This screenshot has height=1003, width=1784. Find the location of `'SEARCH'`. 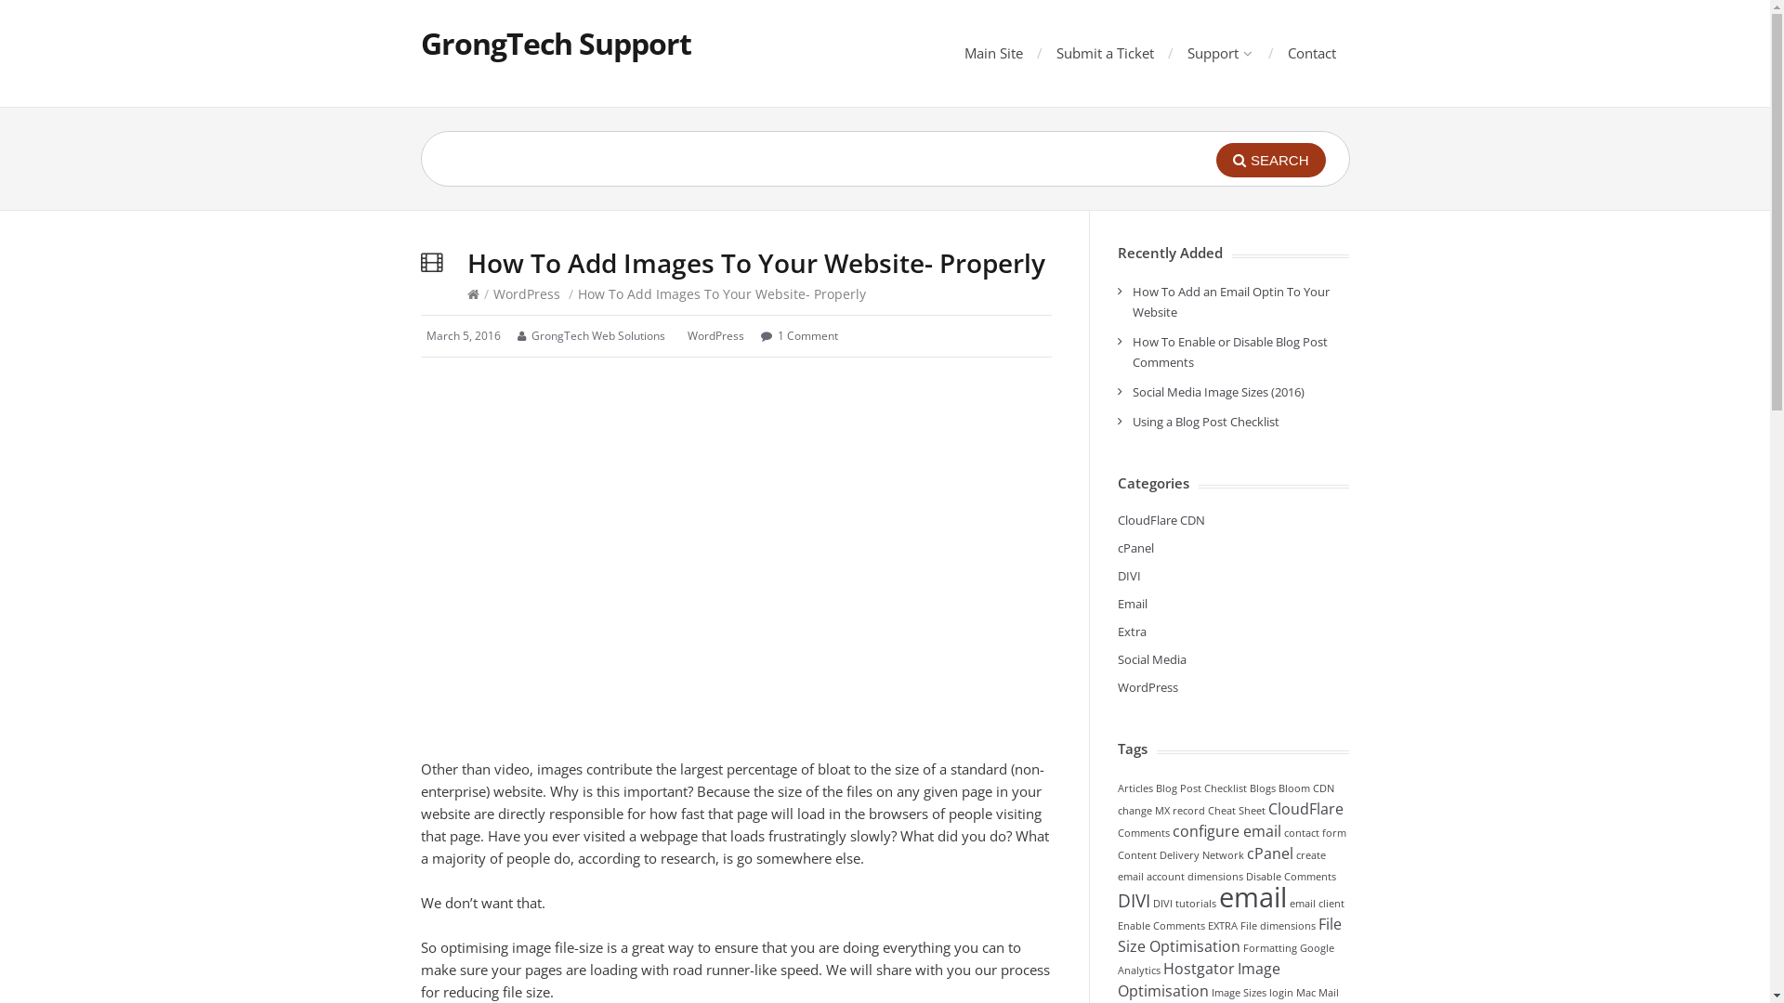

'SEARCH' is located at coordinates (1270, 159).